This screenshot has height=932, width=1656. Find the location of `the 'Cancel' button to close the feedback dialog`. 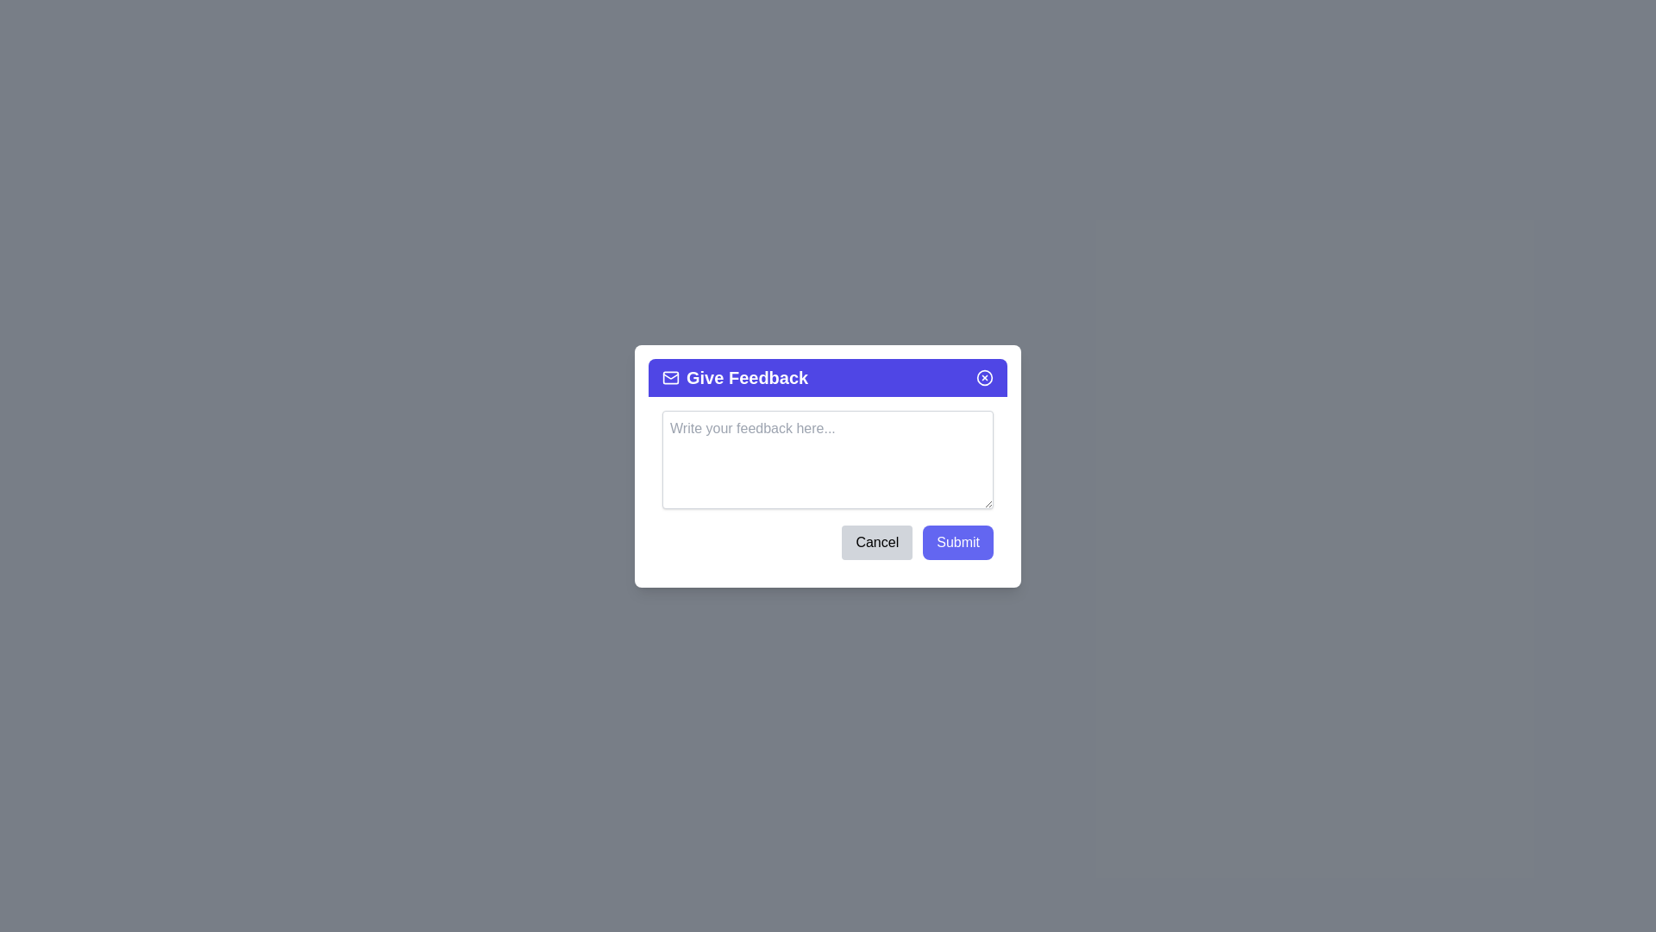

the 'Cancel' button to close the feedback dialog is located at coordinates (877, 541).